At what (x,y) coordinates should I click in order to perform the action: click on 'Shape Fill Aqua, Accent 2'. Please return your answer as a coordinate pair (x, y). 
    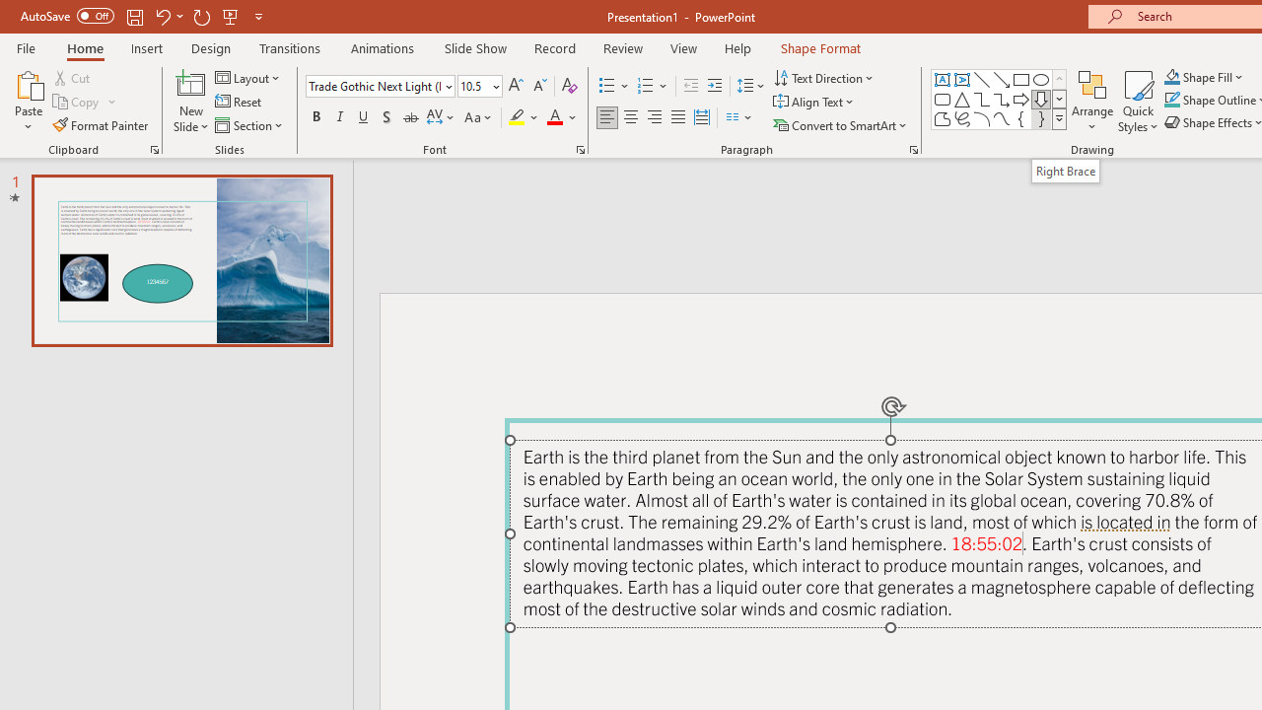
    Looking at the image, I should click on (1172, 76).